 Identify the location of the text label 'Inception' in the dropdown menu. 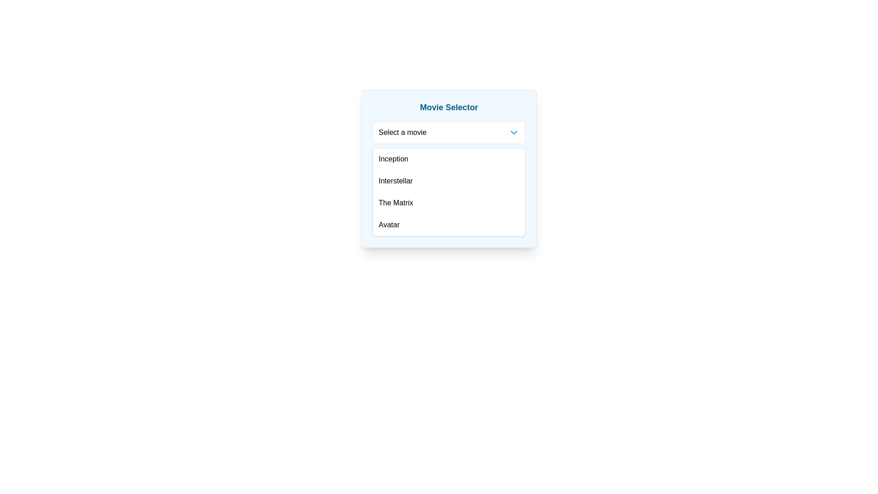
(393, 158).